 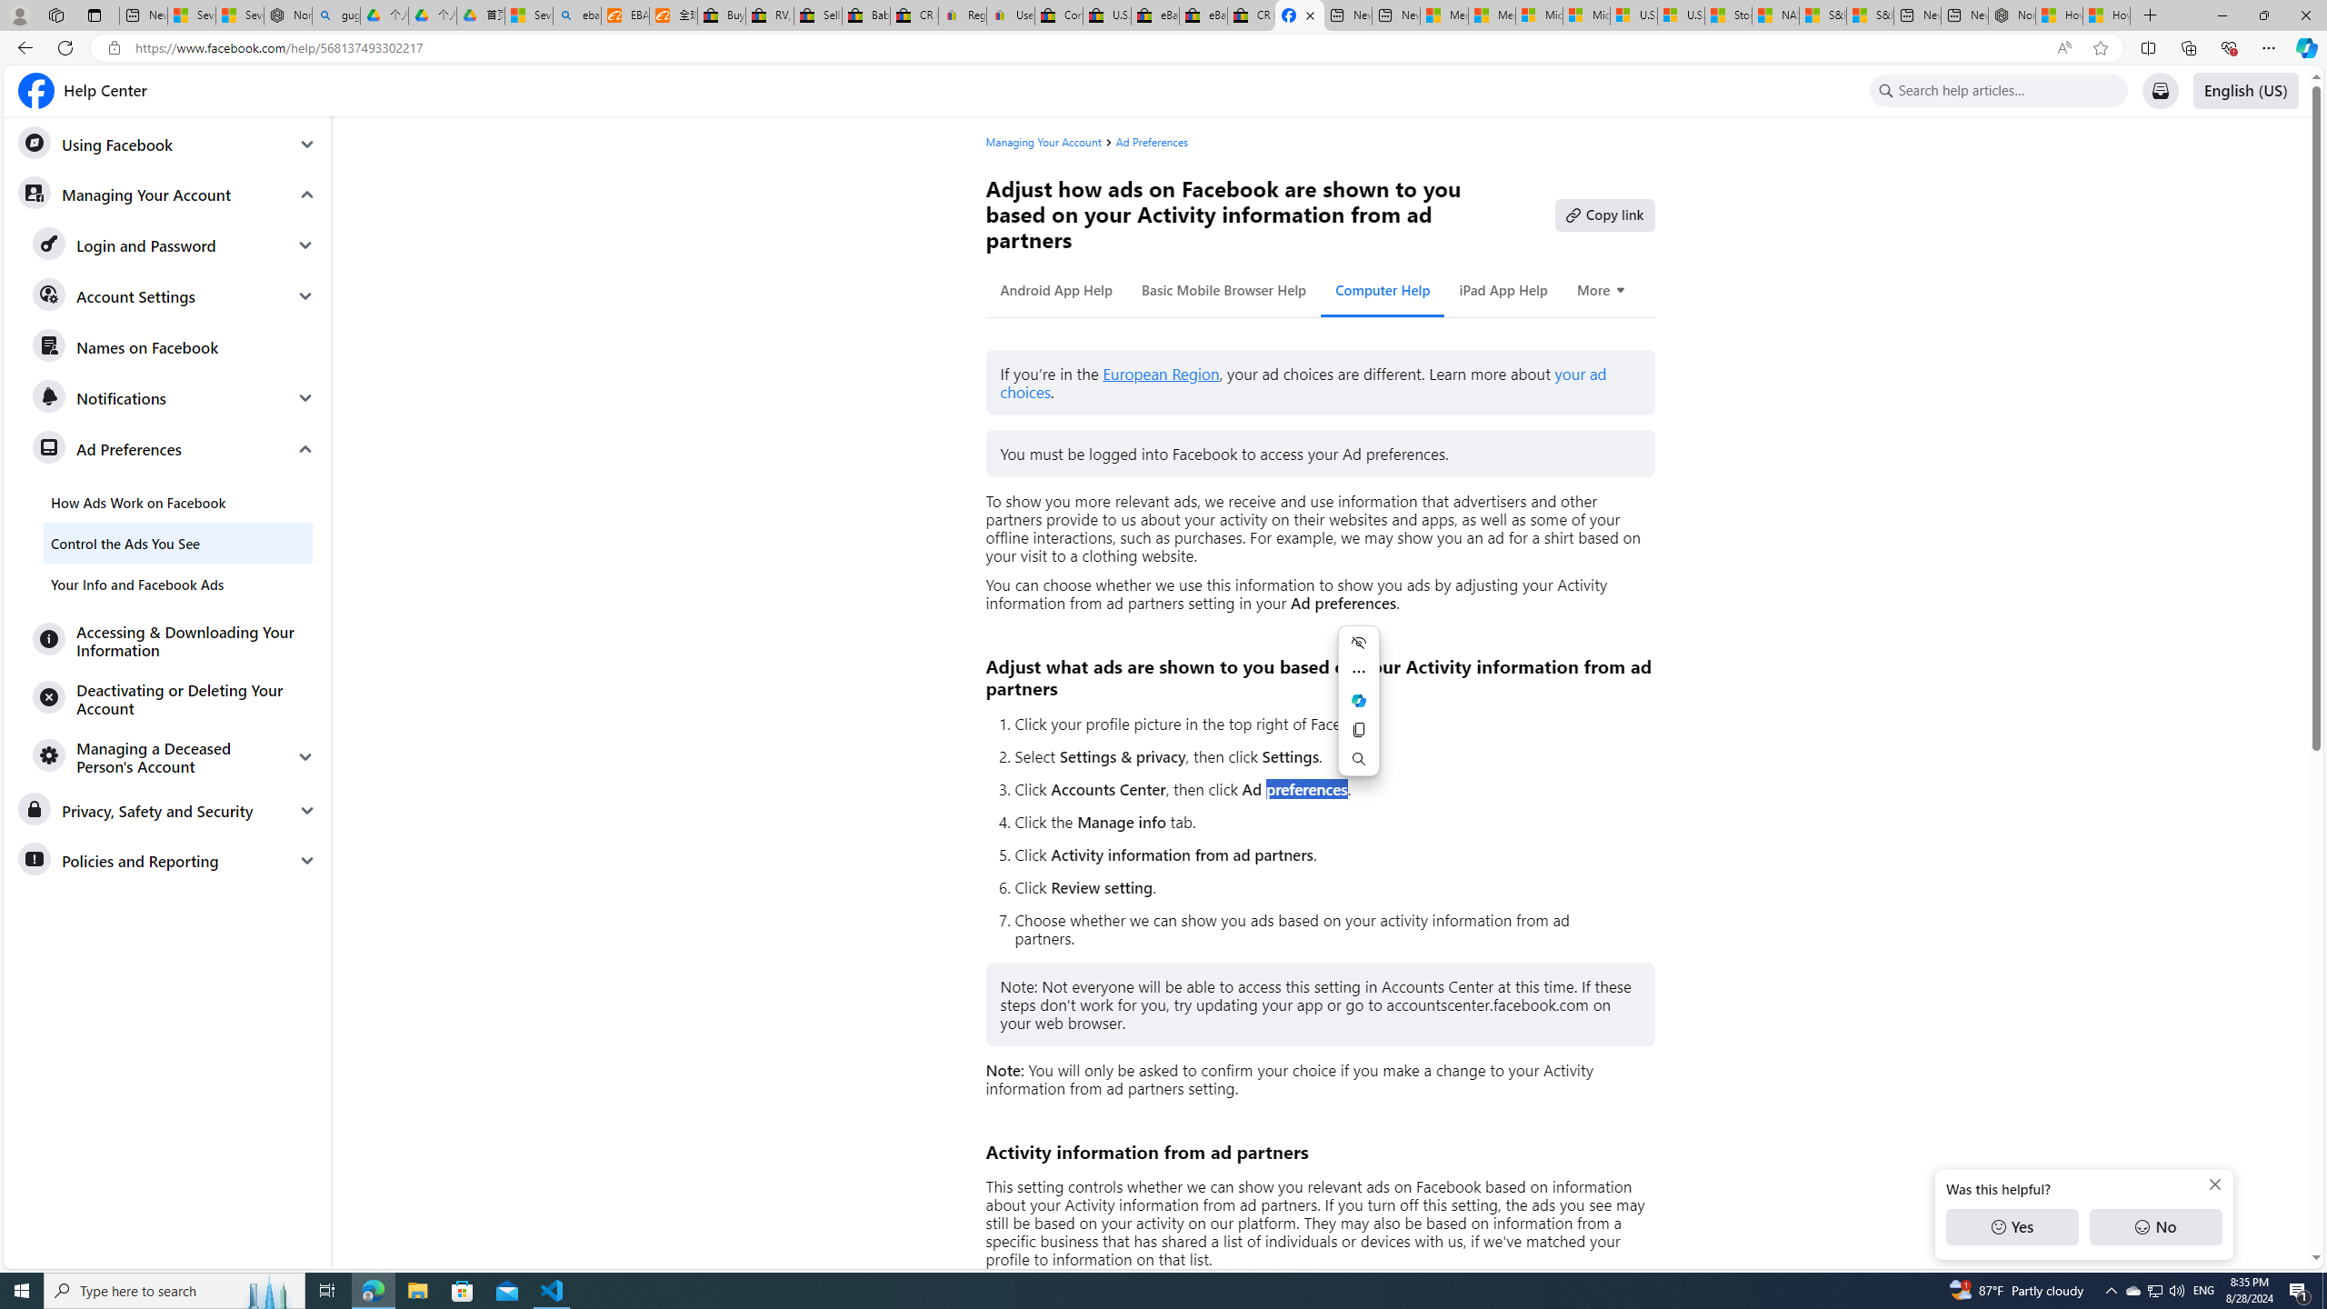 What do you see at coordinates (174, 347) in the screenshot?
I see `'Names on Facebook'` at bounding box center [174, 347].